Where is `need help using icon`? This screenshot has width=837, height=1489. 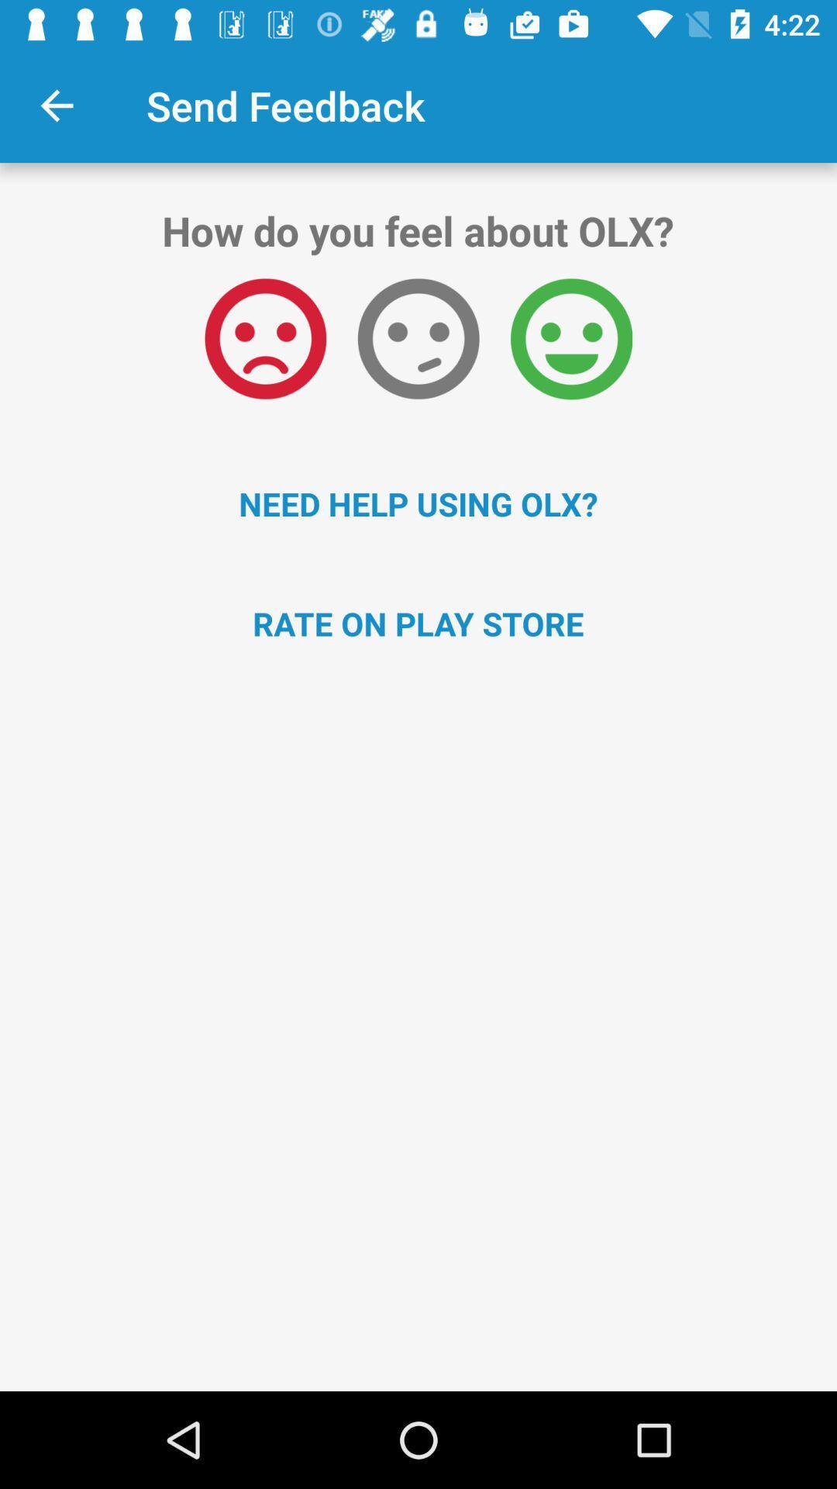
need help using icon is located at coordinates (418, 503).